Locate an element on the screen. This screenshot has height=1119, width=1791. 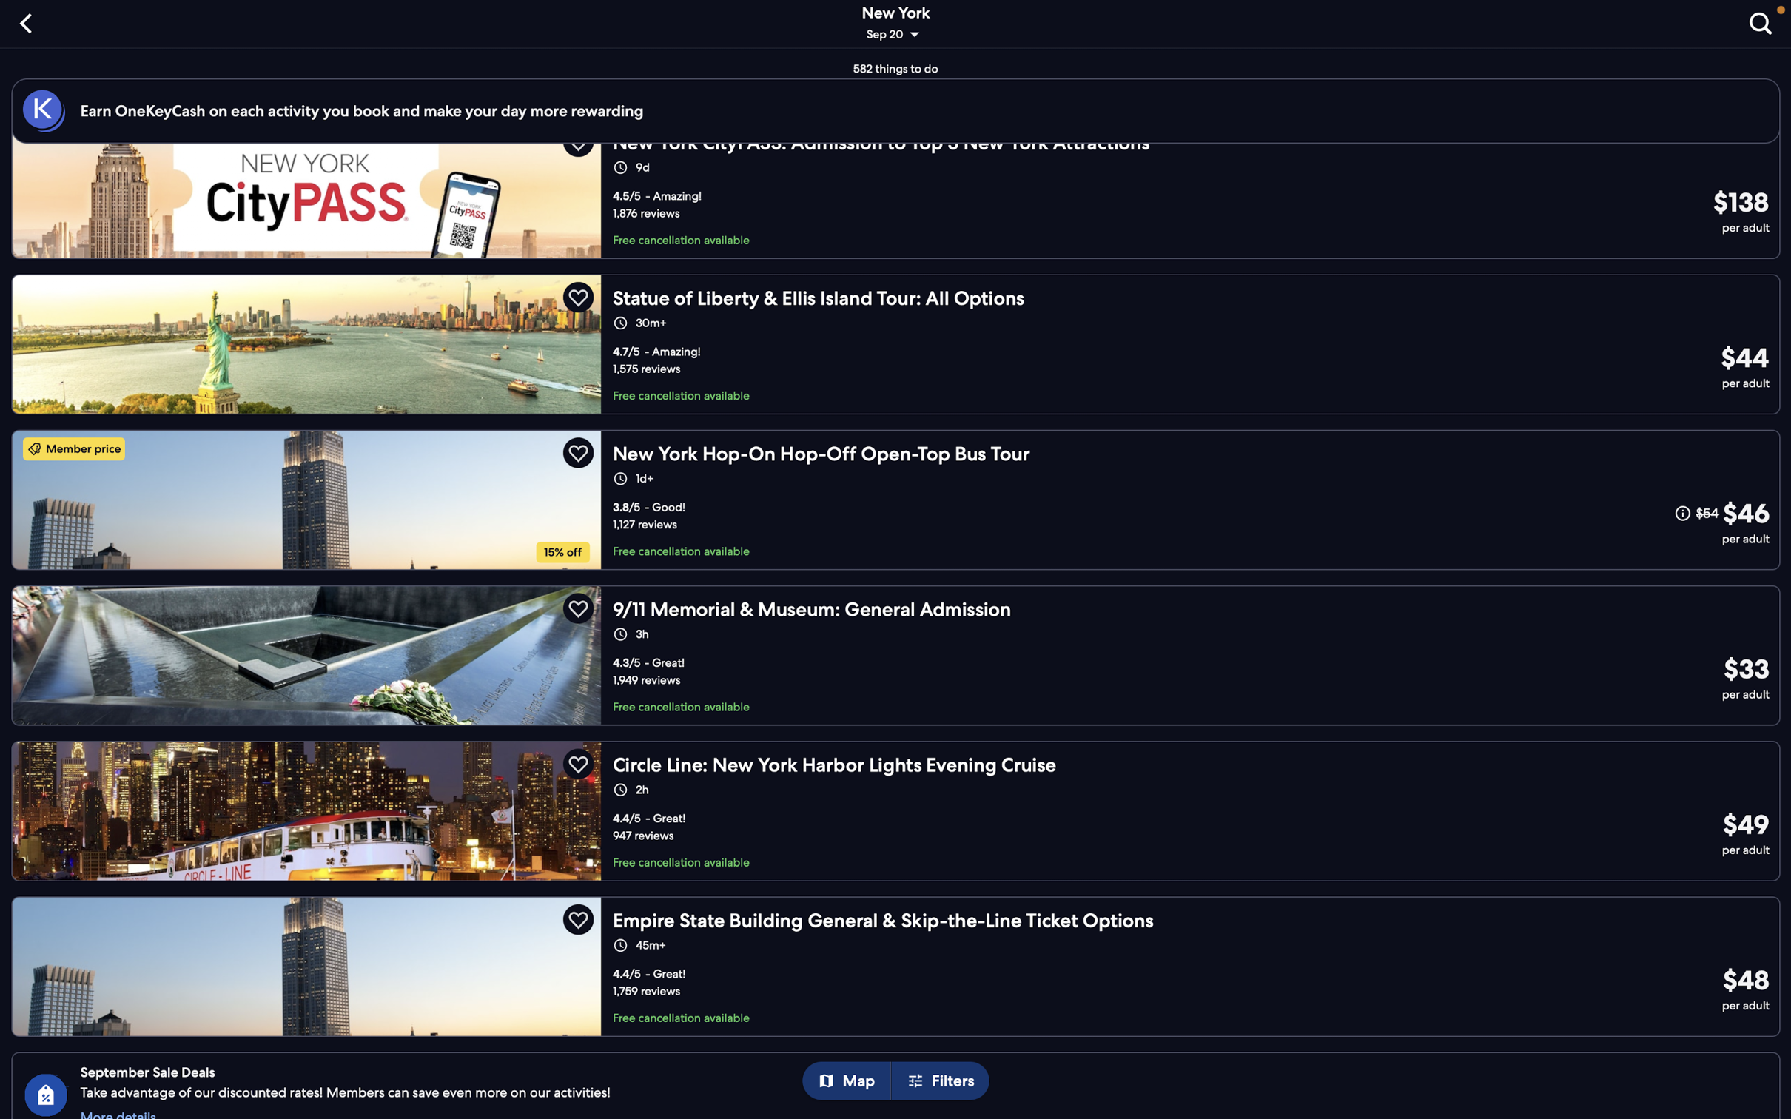
Go ahead and select the "citypass newyork" to see the package deals is located at coordinates (901, 201).